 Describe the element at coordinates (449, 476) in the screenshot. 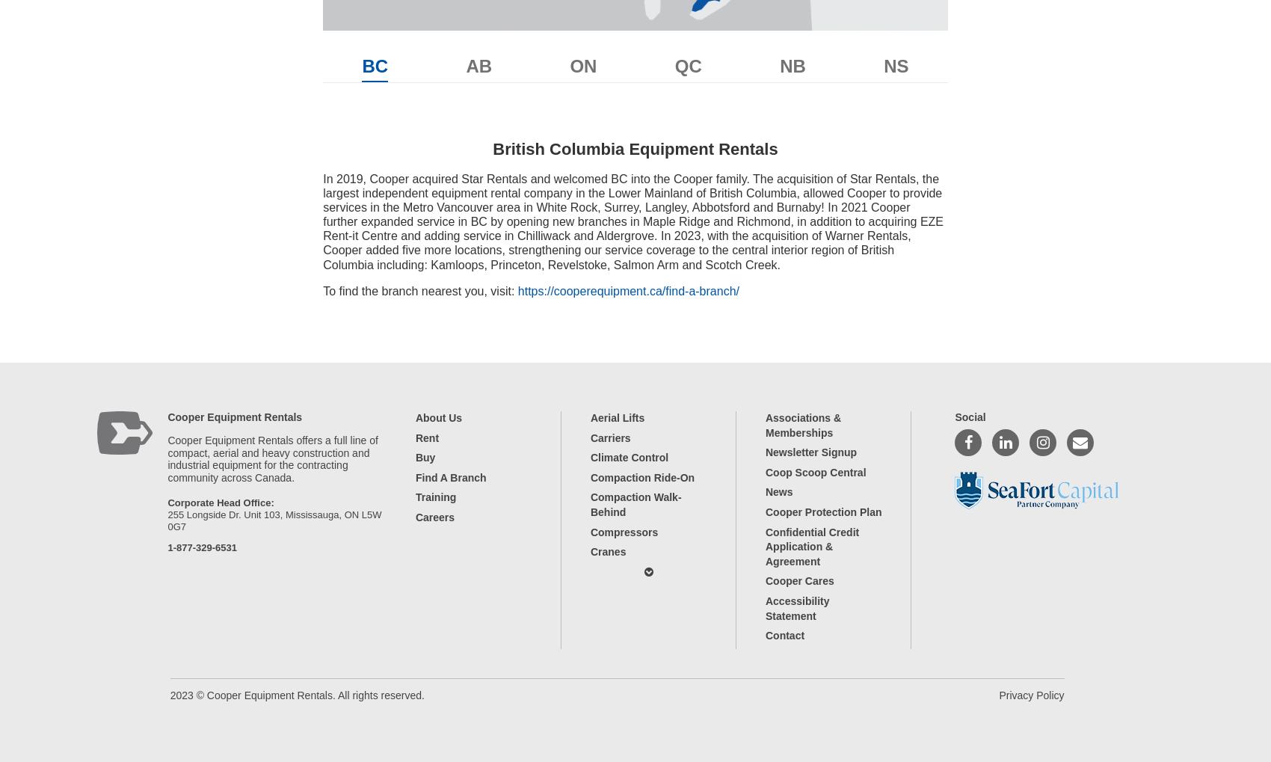

I see `'Find A Branch'` at that location.